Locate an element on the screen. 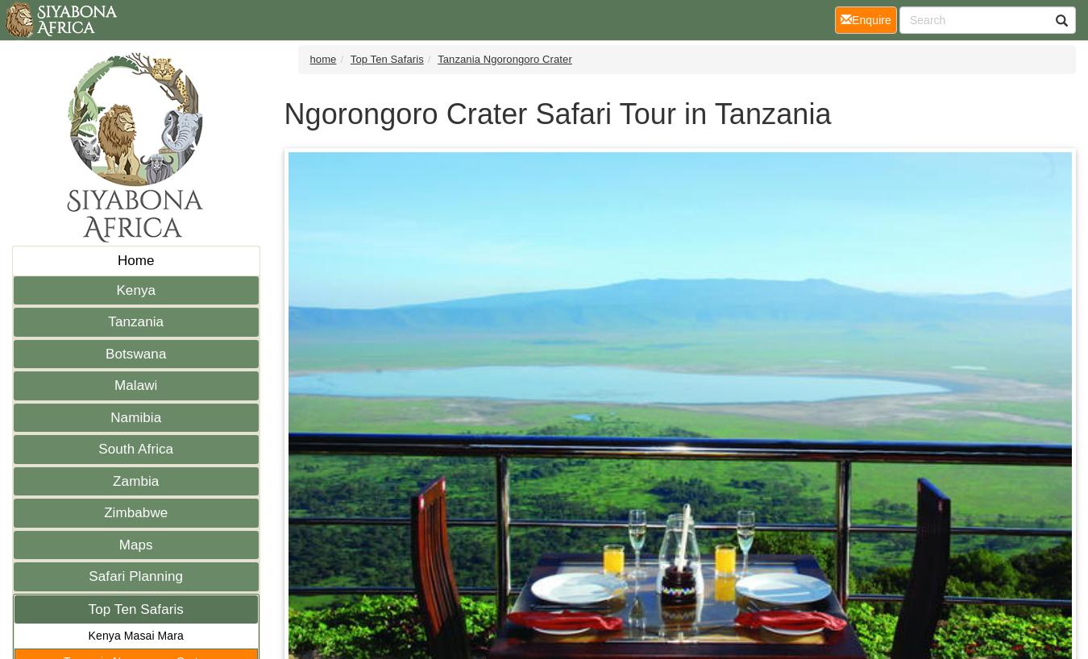 This screenshot has height=659, width=1088. 'Ngorongoro Crater Safari Tour in Tanzania' is located at coordinates (556, 112).